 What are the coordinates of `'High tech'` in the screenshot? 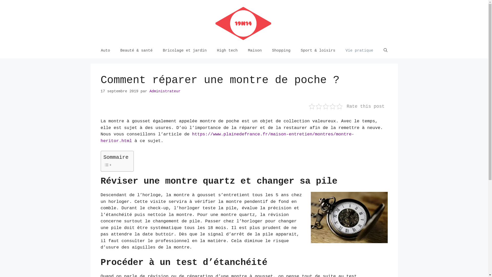 It's located at (227, 51).